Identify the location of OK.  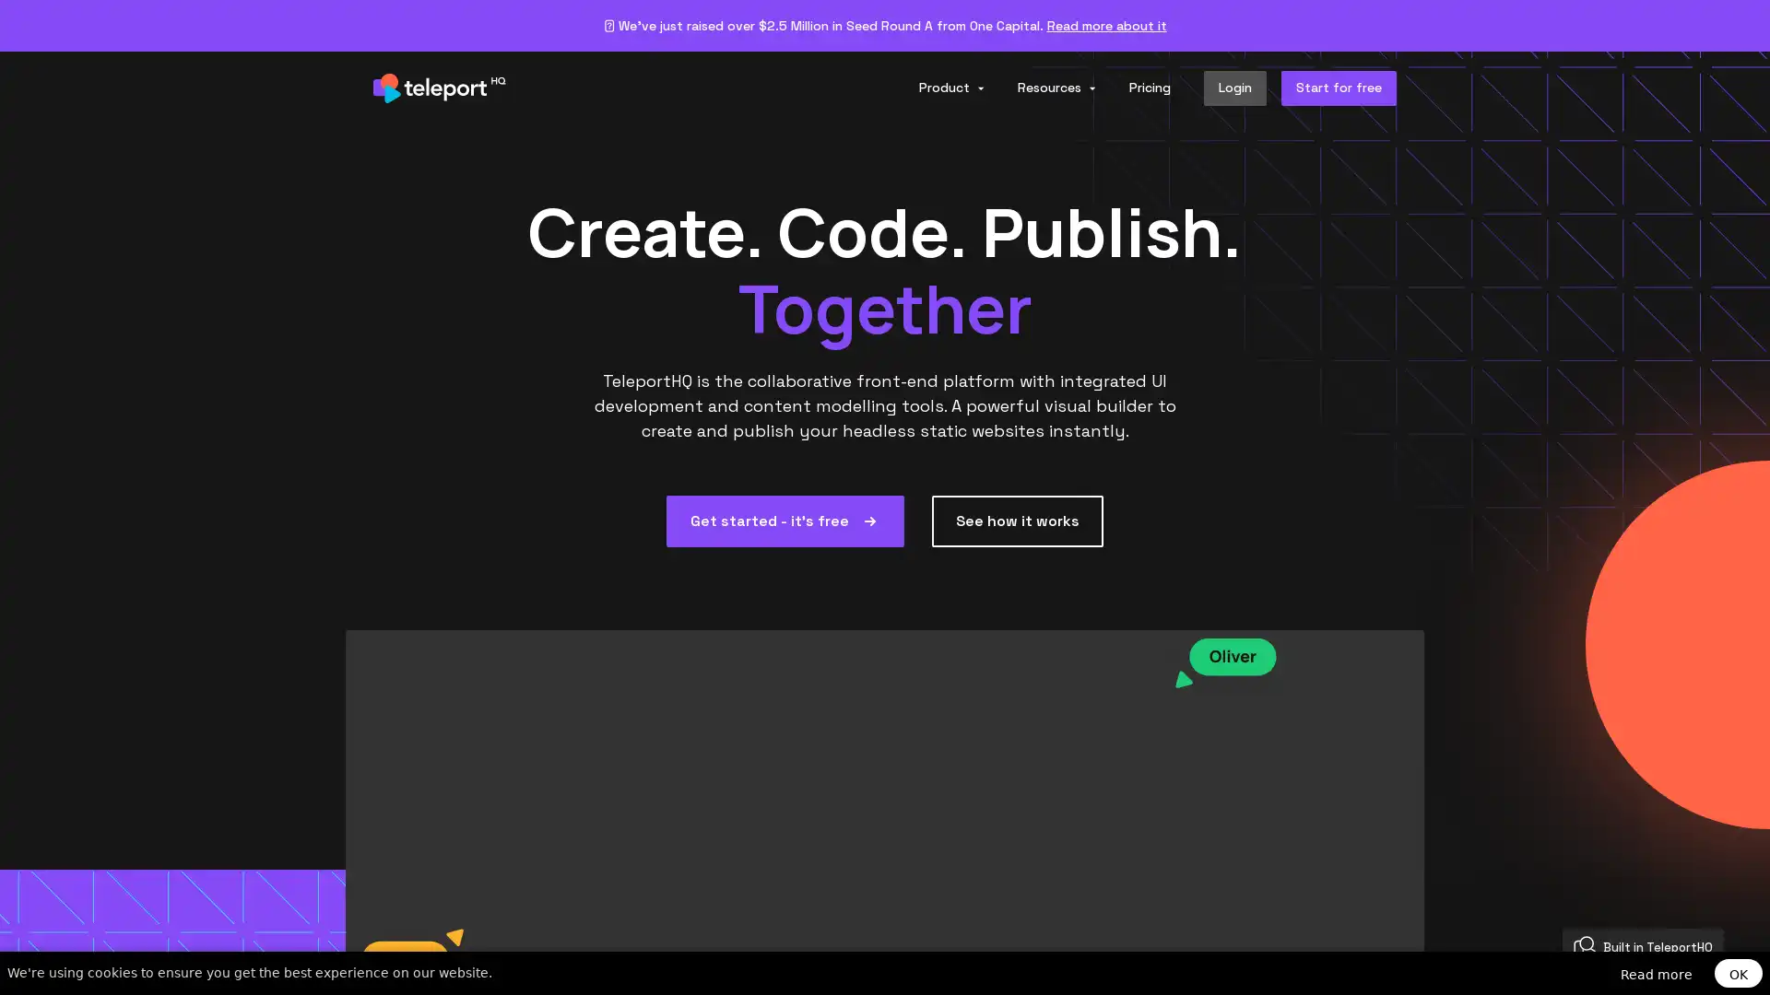
(1738, 972).